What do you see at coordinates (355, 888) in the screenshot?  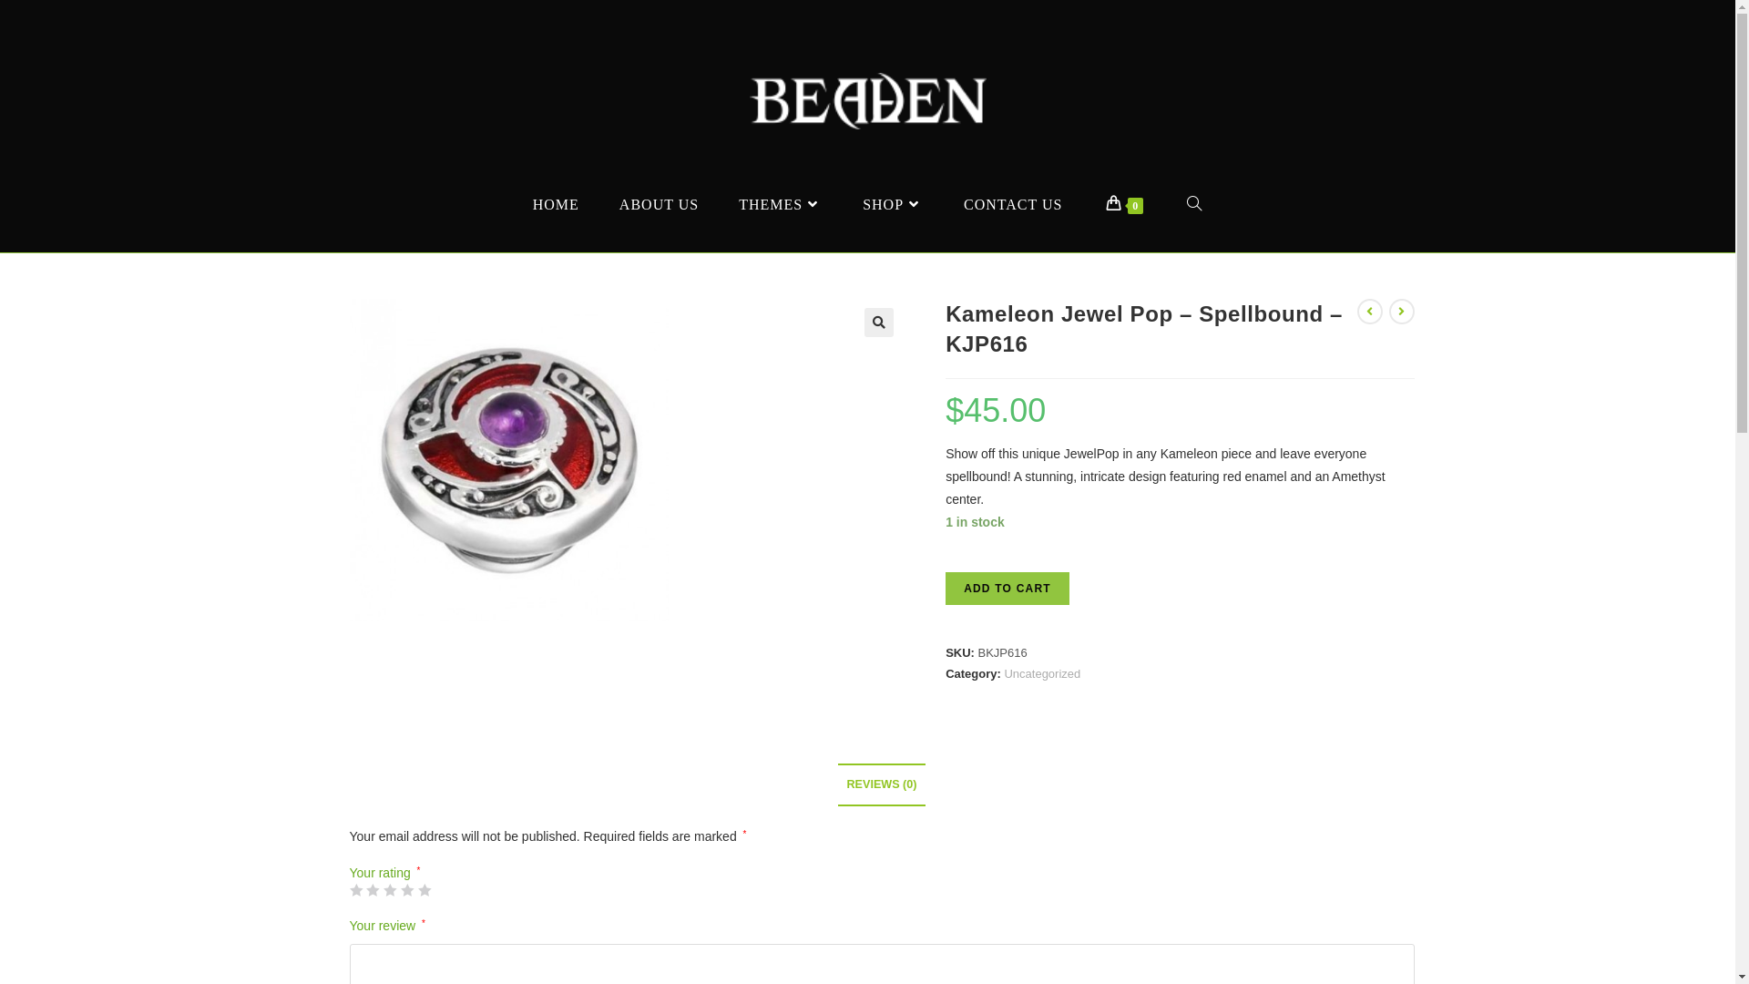 I see `'1'` at bounding box center [355, 888].